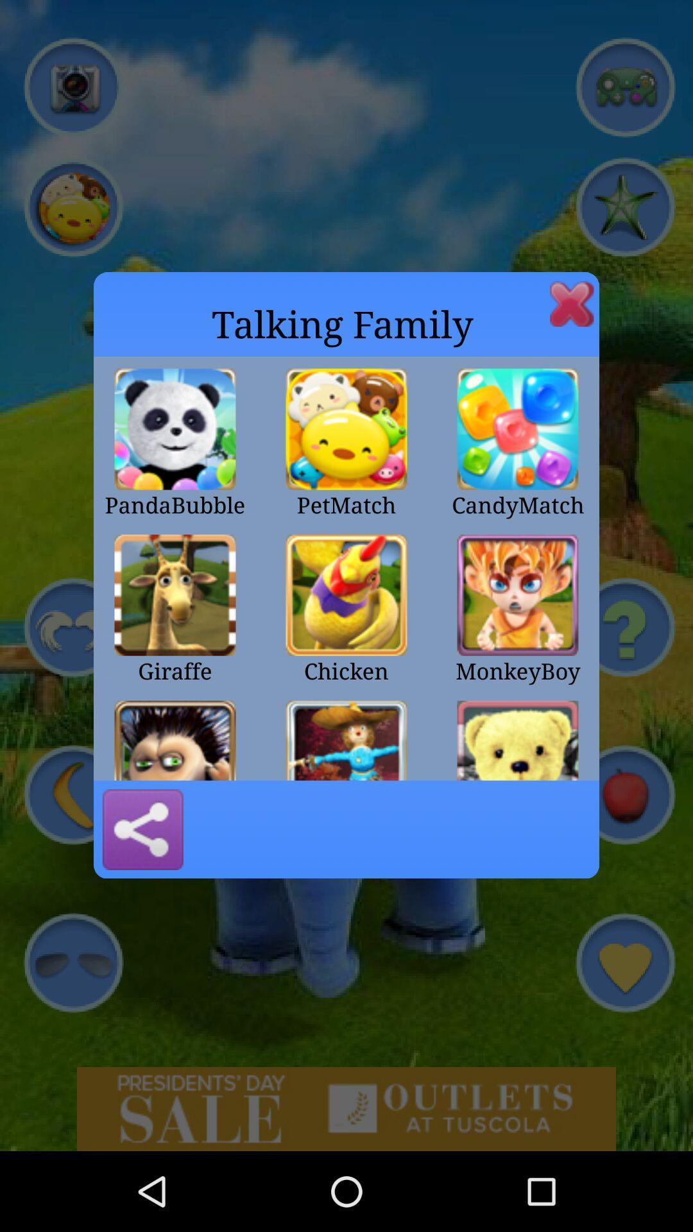  I want to click on this window, so click(571, 303).